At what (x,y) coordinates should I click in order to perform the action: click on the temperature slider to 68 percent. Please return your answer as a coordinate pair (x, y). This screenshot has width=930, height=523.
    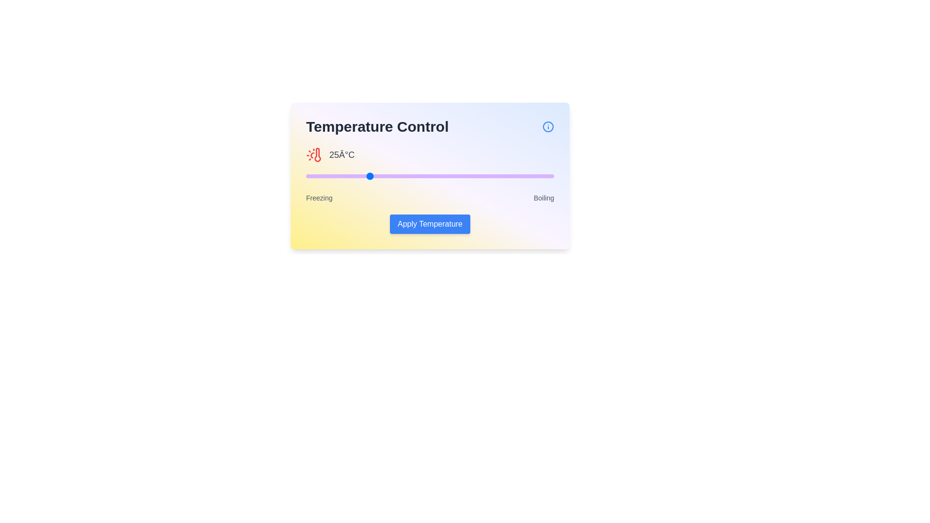
    Looking at the image, I should click on (475, 176).